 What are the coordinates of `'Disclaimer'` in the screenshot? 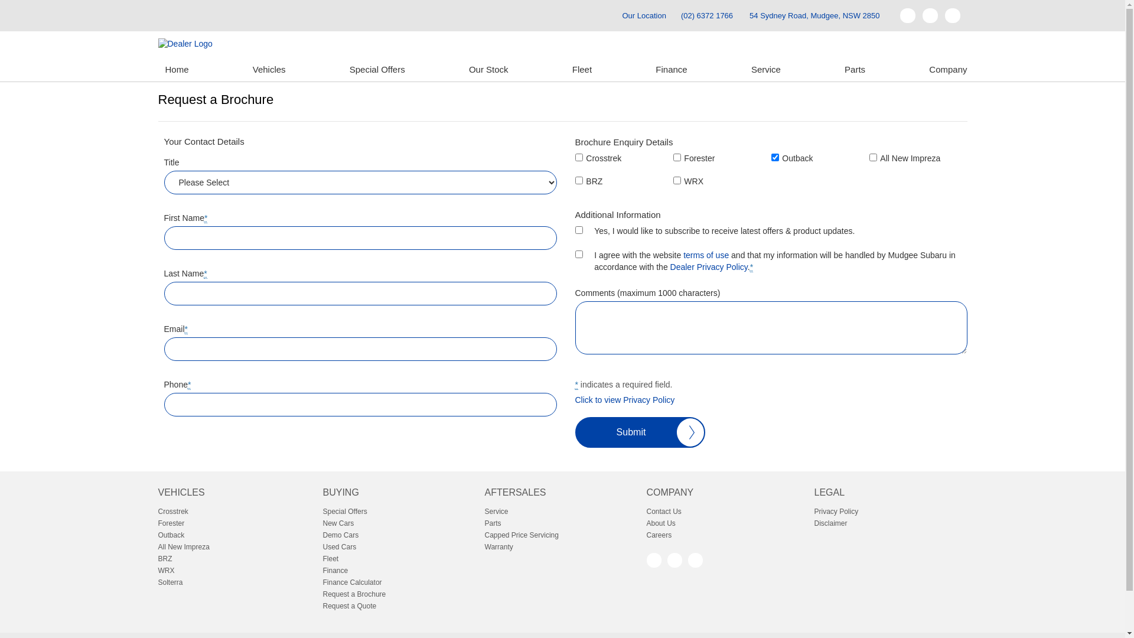 It's located at (813, 523).